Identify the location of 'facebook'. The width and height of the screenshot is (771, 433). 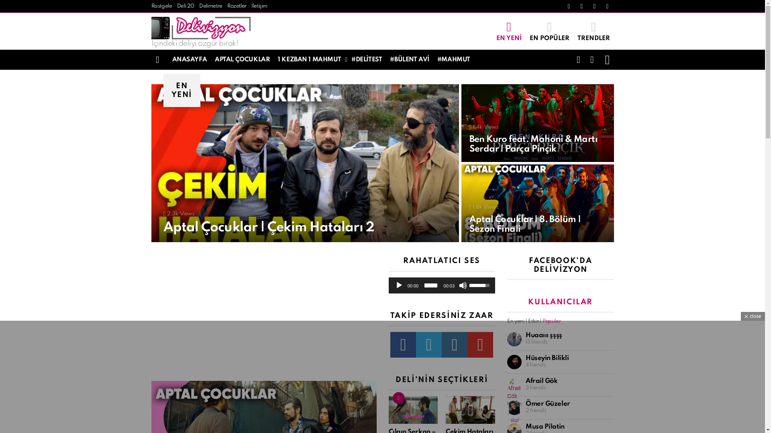
(403, 344).